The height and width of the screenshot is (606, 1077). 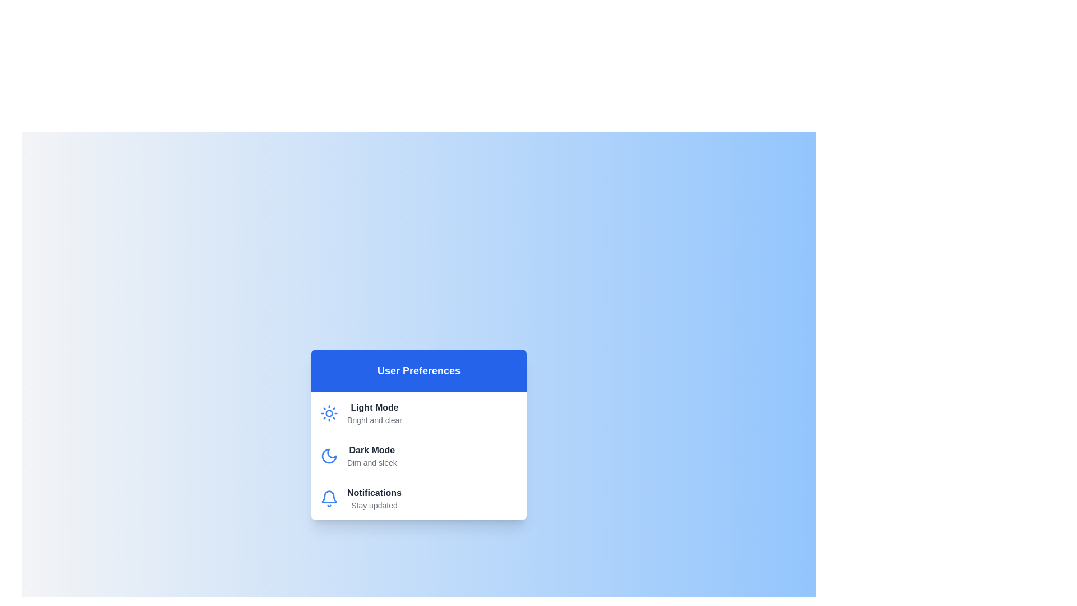 I want to click on the theme Light Mode by clicking on its corresponding list item, so click(x=418, y=413).